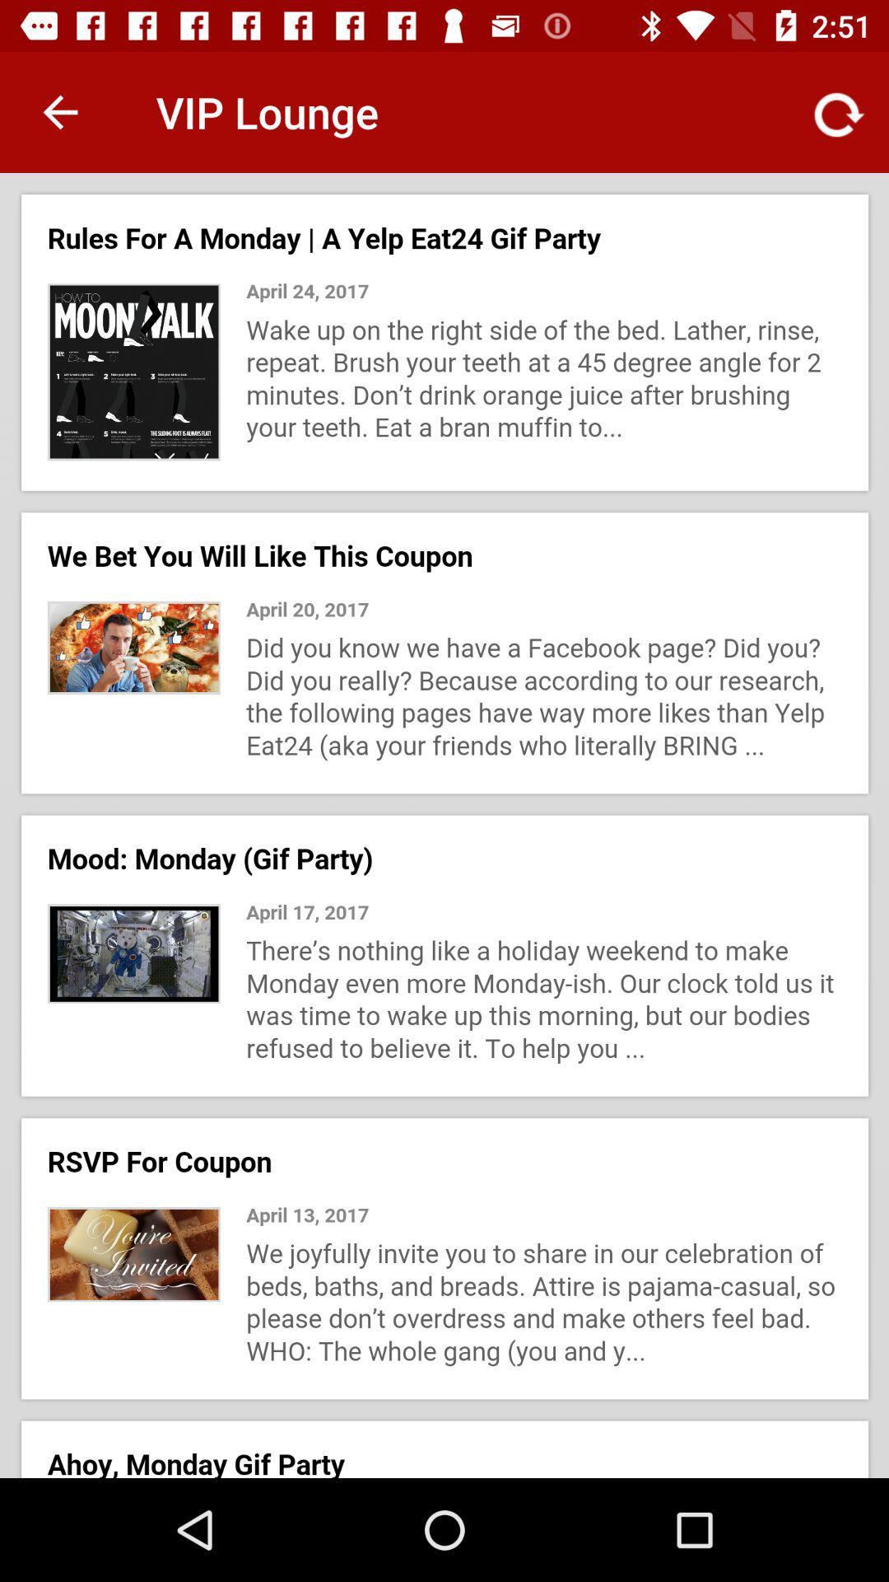 The width and height of the screenshot is (889, 1582). I want to click on article, so click(444, 826).